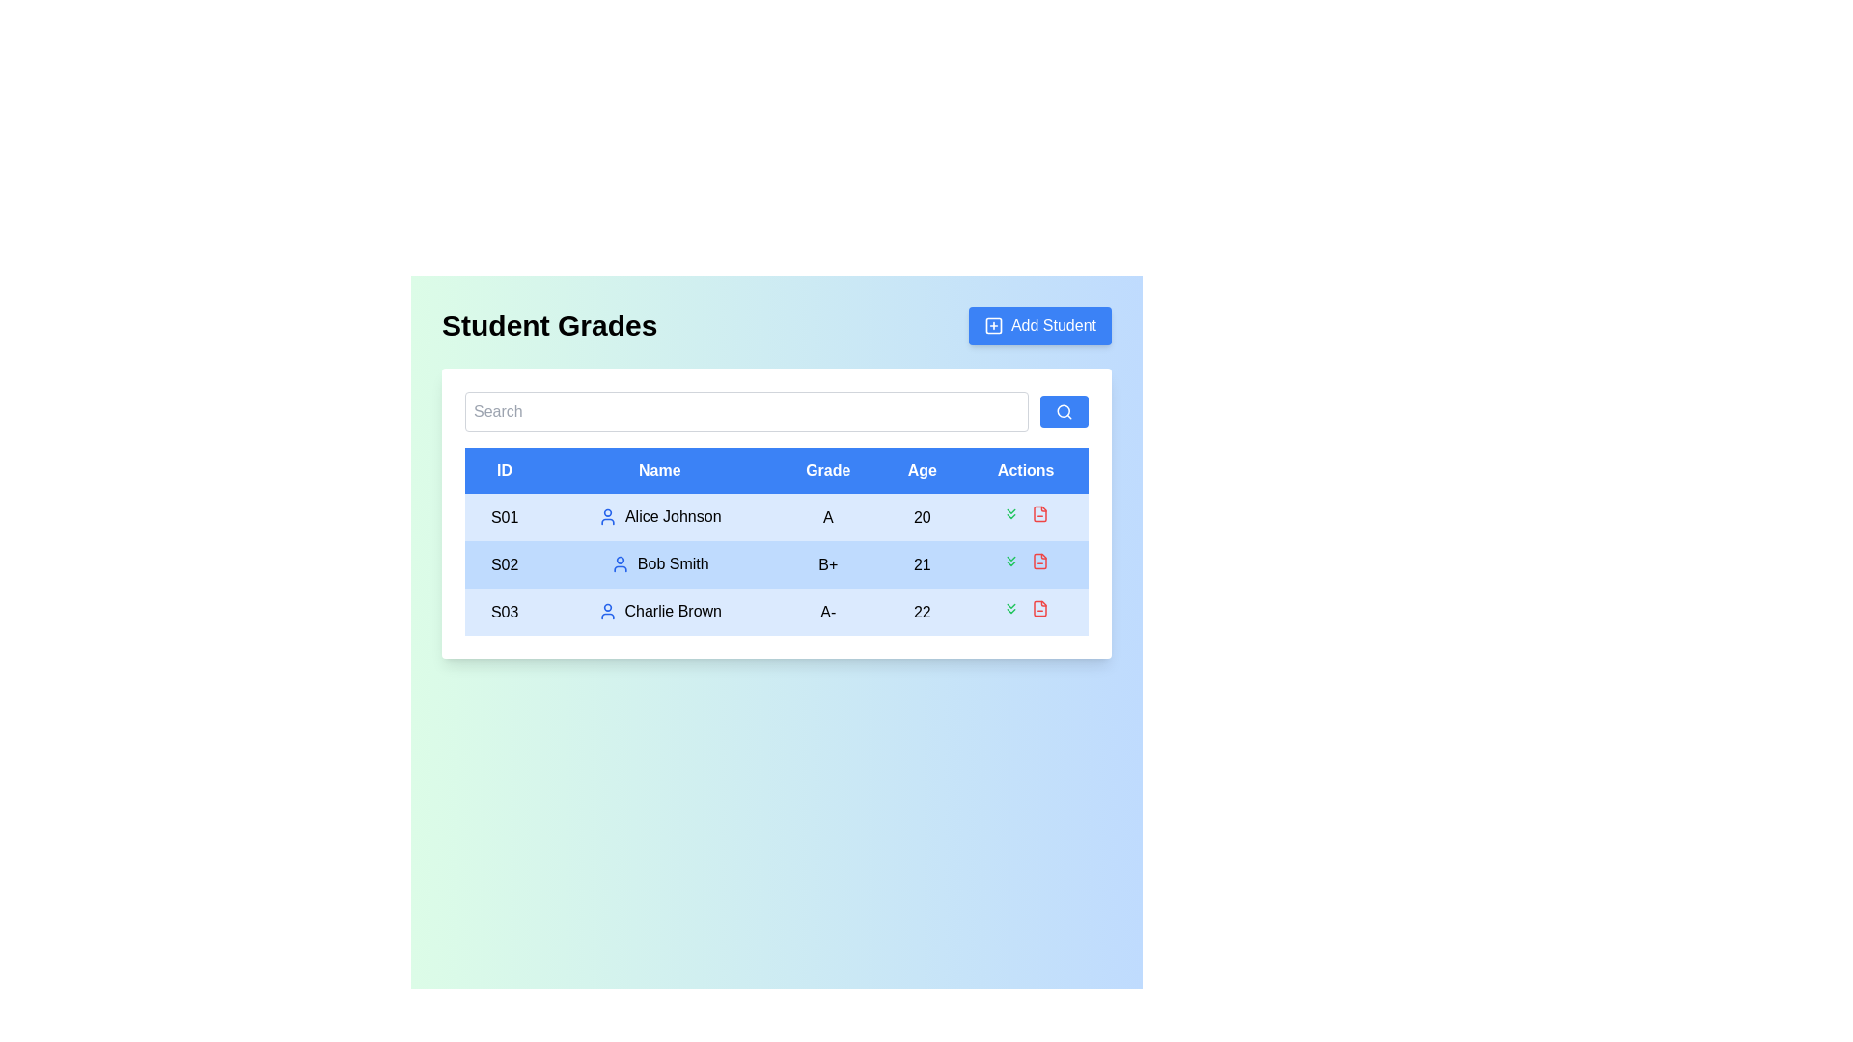  I want to click on the small, circular 'user' icon with a blue outline located to the left of the name 'Bob Smith', so click(620, 564).